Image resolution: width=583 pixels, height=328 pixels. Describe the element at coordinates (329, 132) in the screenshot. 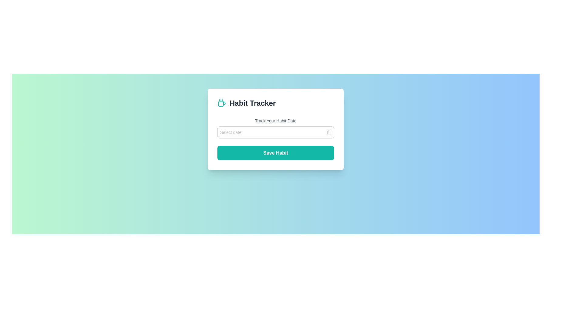

I see `the icon at the far-right end of the 'Select date' input field in the 'Habit Tracker' interface` at that location.